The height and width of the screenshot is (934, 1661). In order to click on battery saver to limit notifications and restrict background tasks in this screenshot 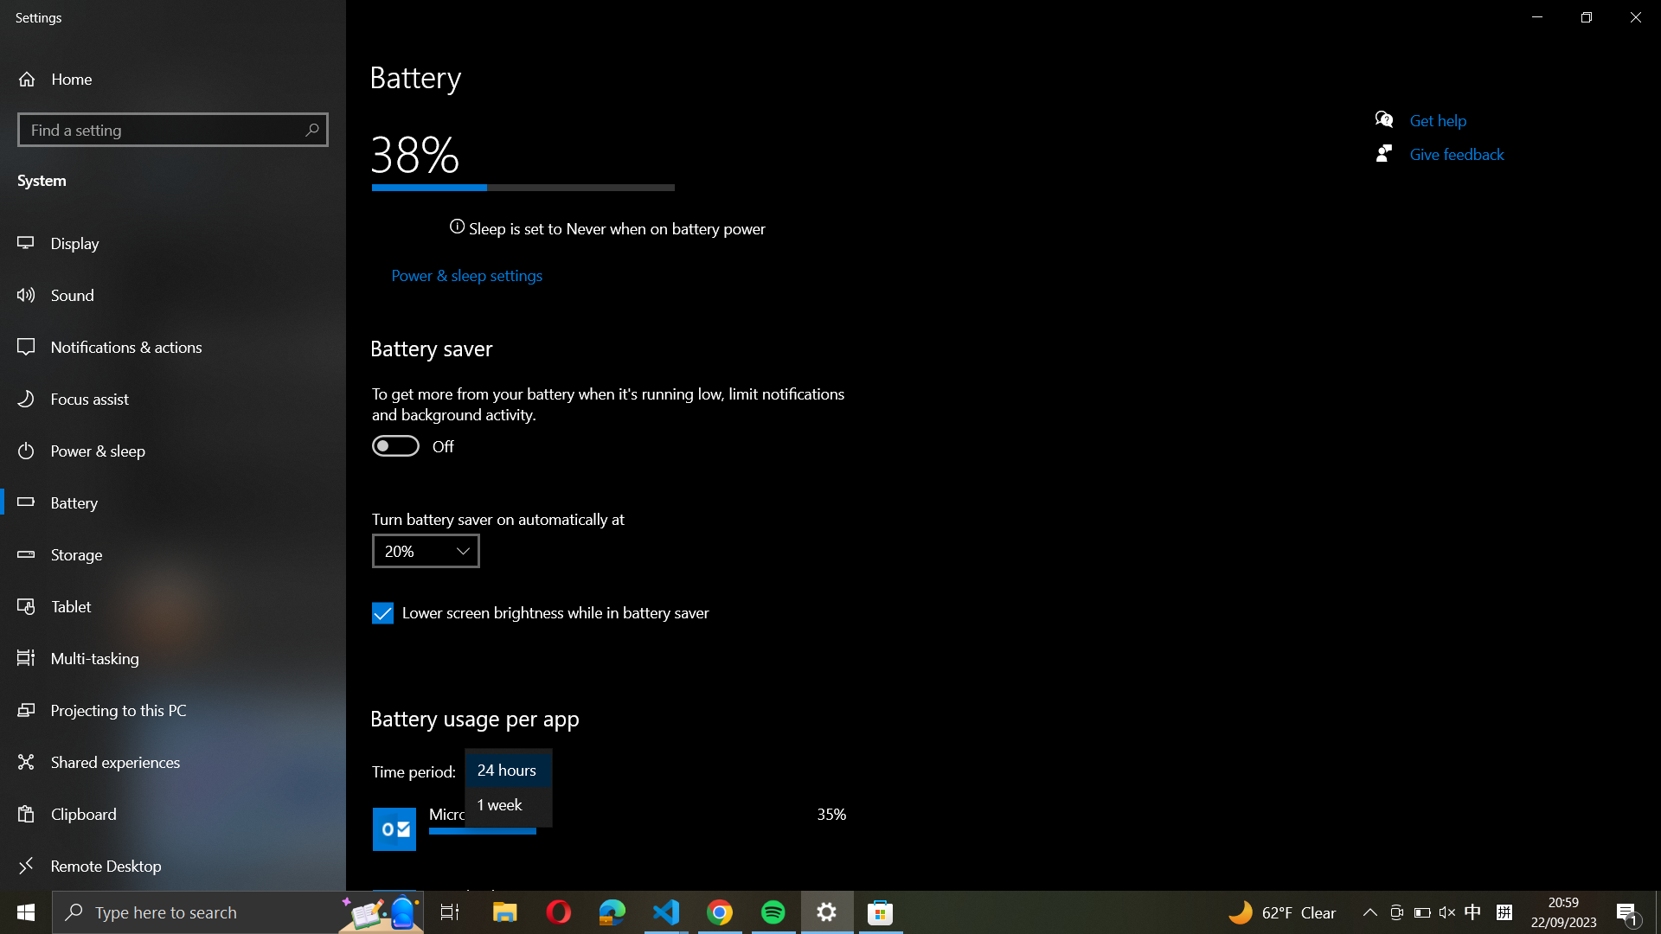, I will do `click(394, 445)`.